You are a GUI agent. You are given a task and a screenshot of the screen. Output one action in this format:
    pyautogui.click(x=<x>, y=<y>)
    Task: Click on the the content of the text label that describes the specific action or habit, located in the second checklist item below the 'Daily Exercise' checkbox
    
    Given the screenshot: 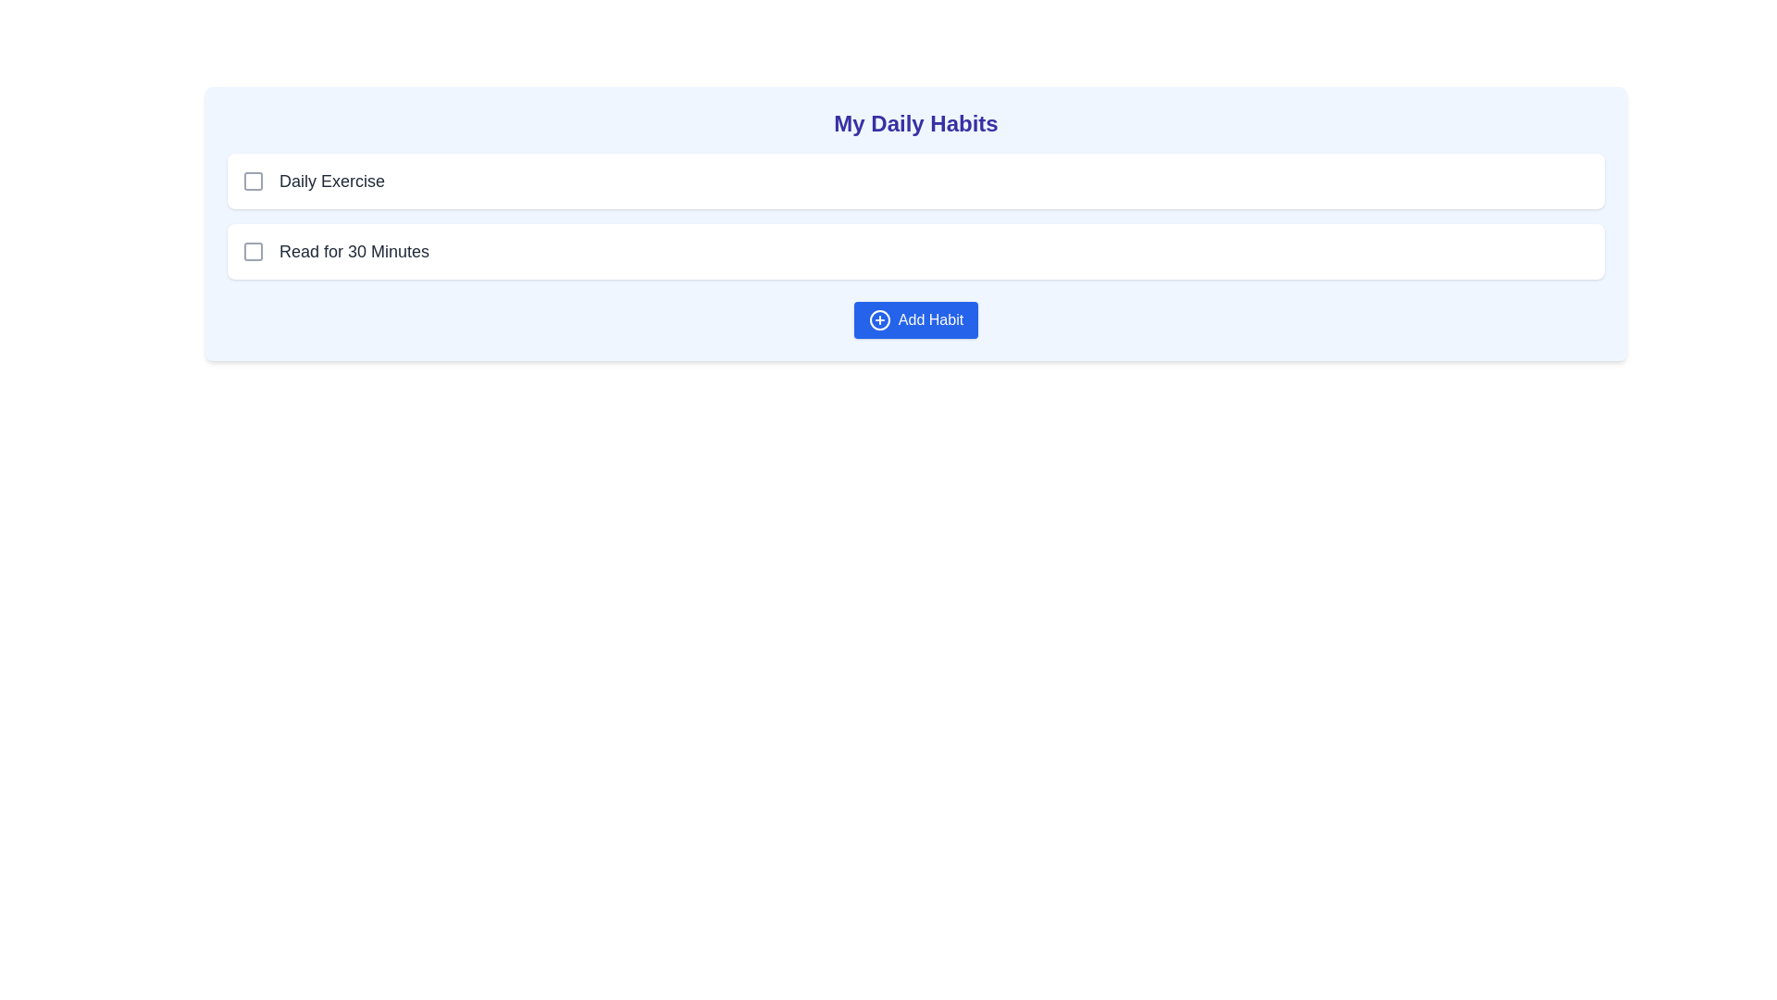 What is the action you would take?
    pyautogui.click(x=354, y=252)
    